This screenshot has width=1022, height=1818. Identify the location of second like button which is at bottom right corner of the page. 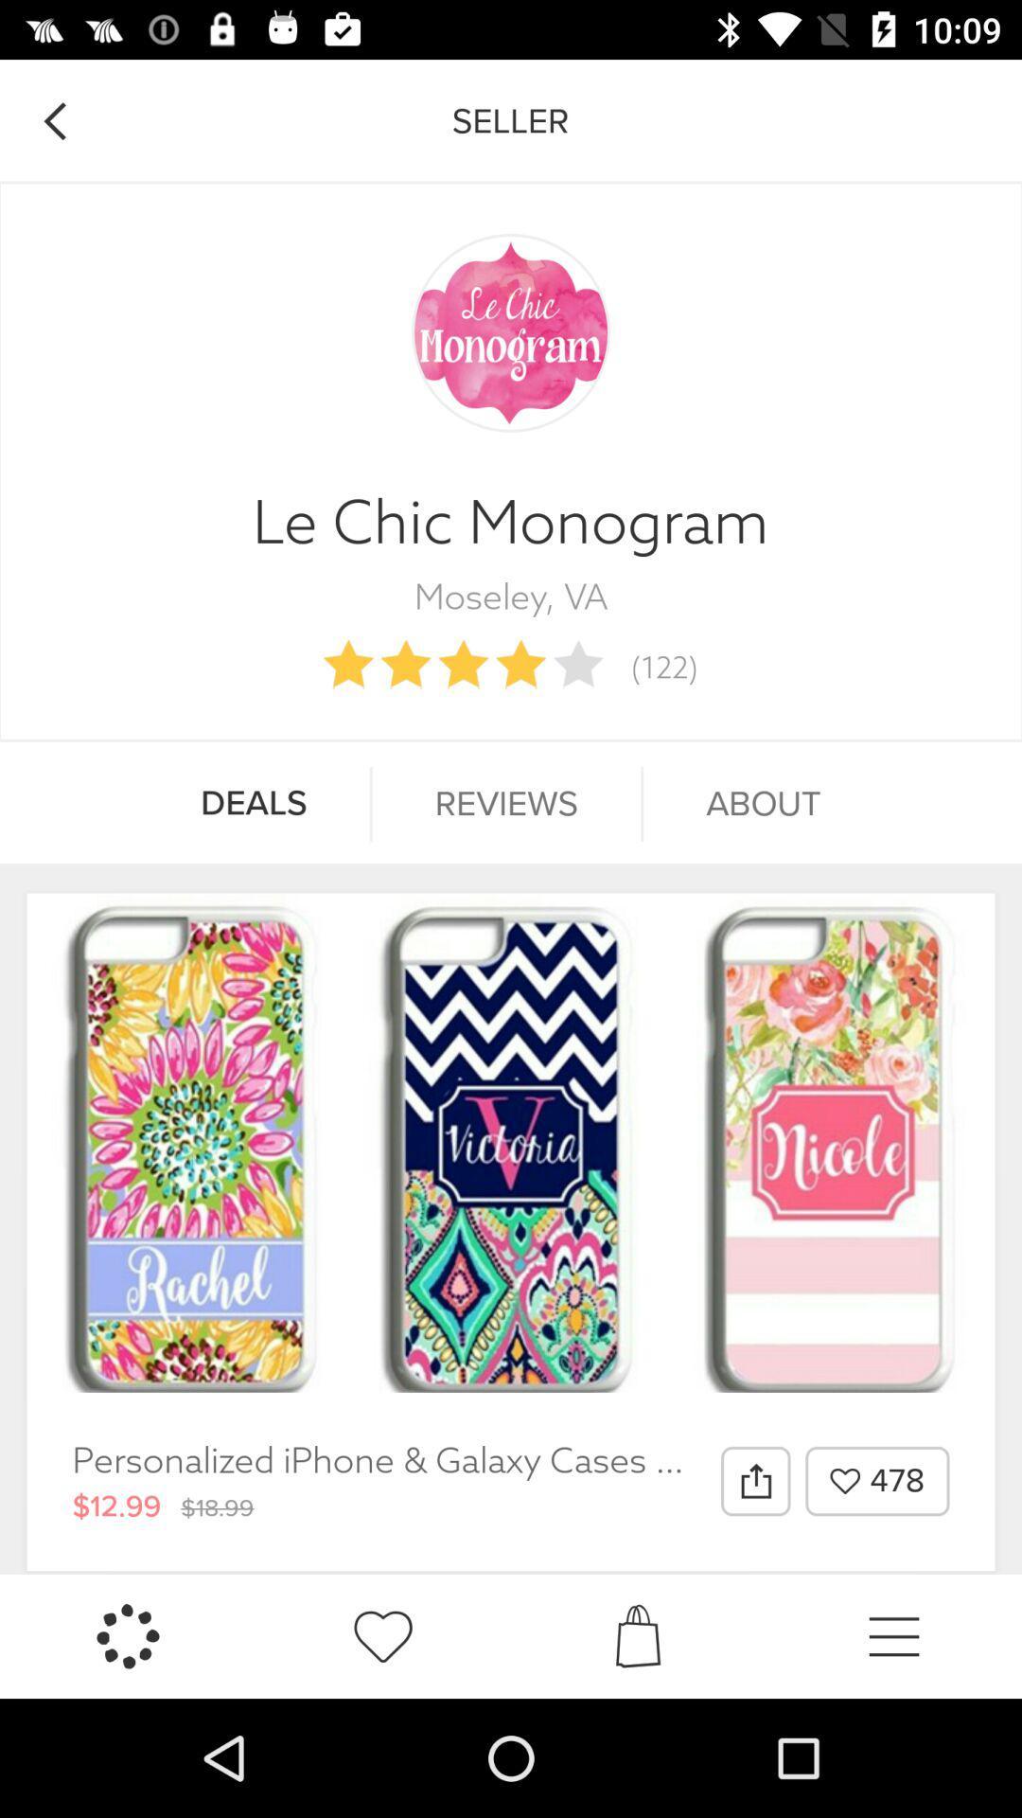
(383, 1635).